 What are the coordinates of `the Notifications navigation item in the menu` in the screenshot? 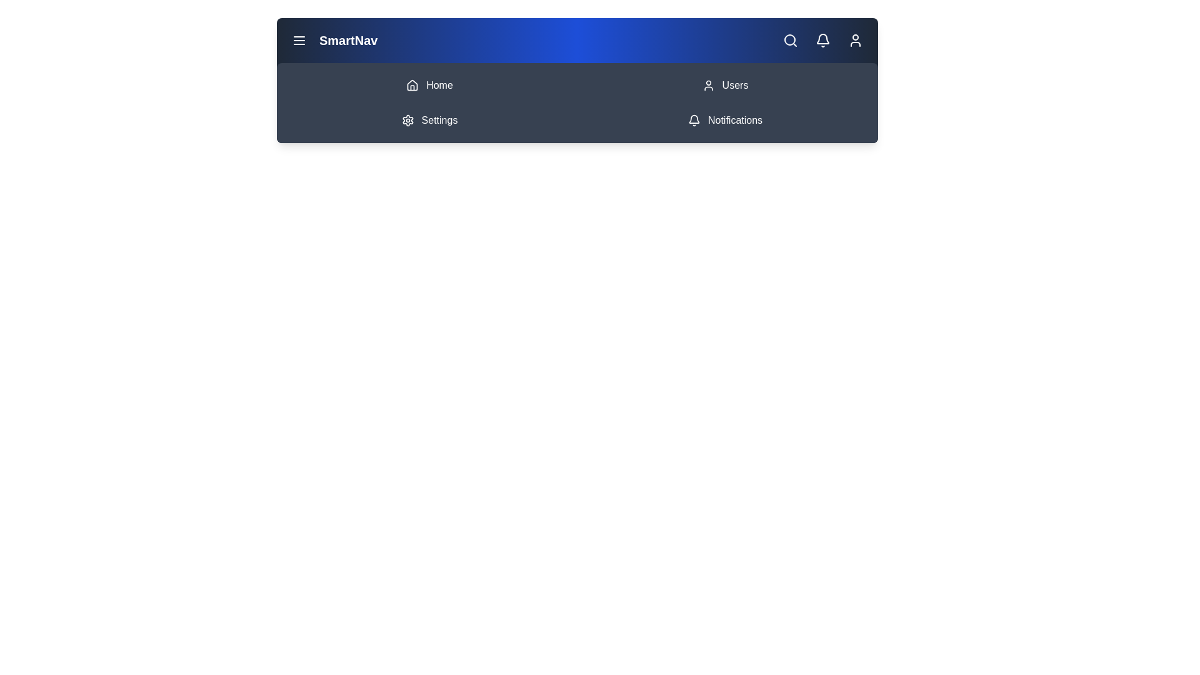 It's located at (725, 120).